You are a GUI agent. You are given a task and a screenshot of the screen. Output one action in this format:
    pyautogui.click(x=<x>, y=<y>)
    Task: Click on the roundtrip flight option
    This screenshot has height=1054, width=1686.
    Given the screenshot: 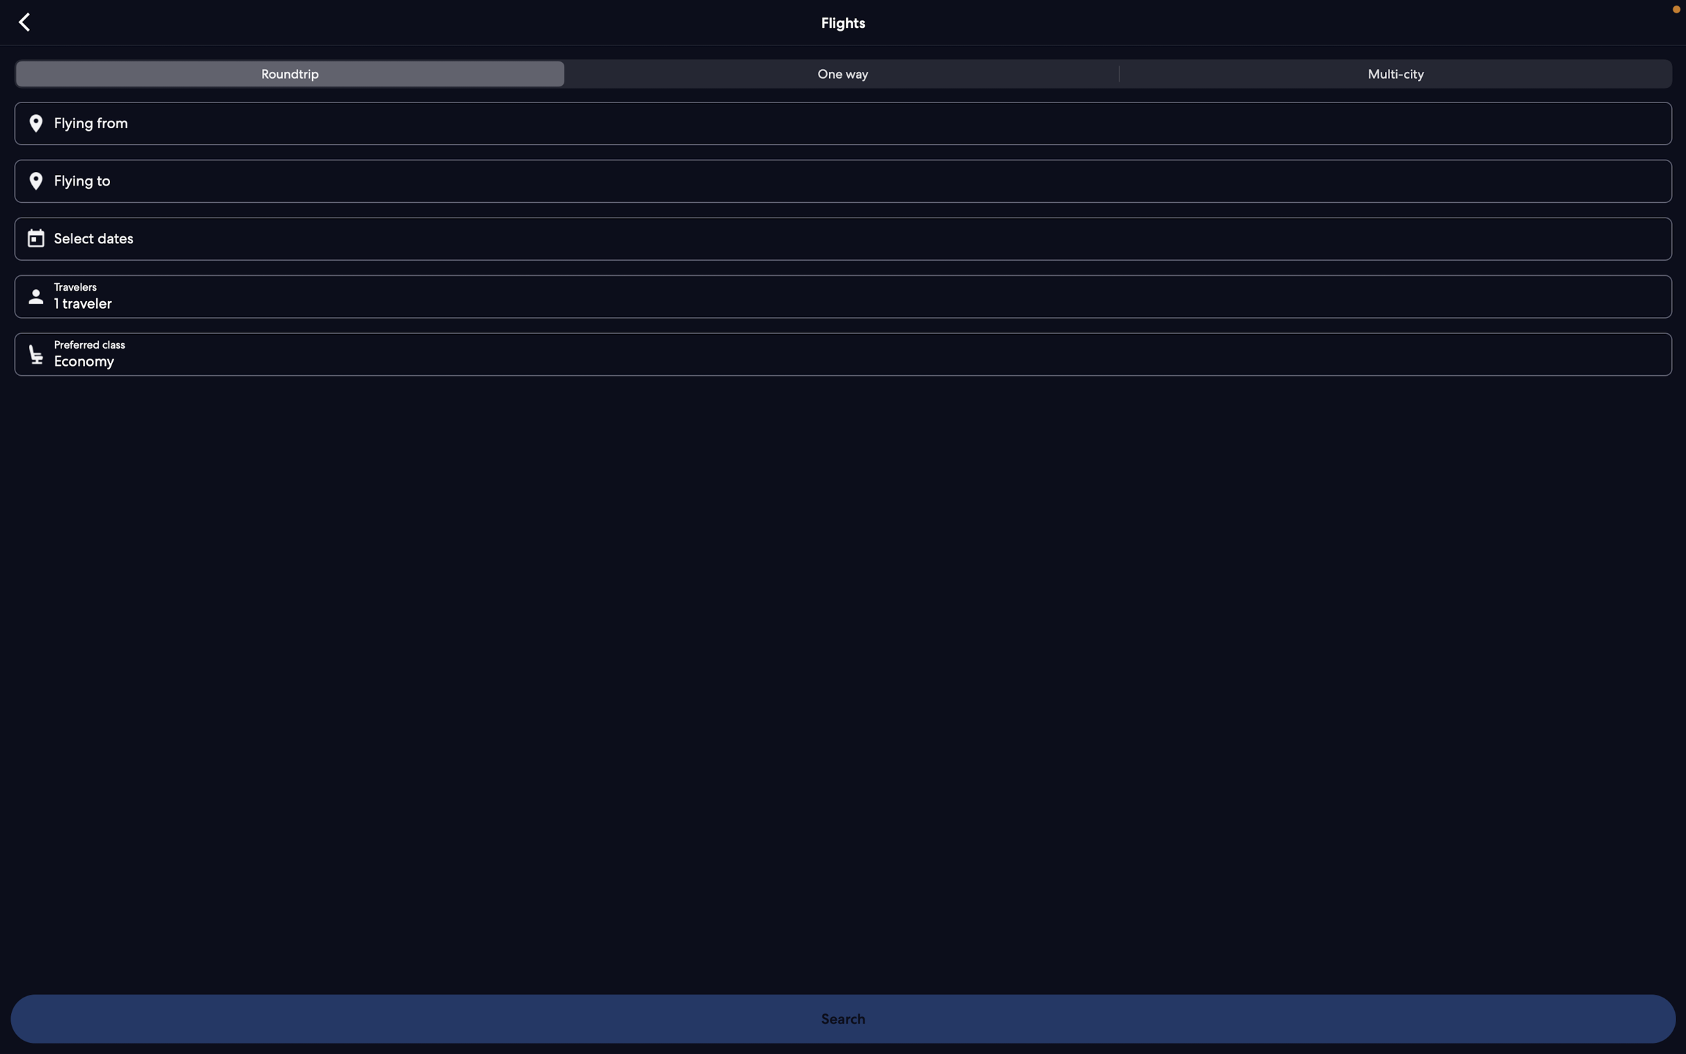 What is the action you would take?
    pyautogui.click(x=291, y=75)
    